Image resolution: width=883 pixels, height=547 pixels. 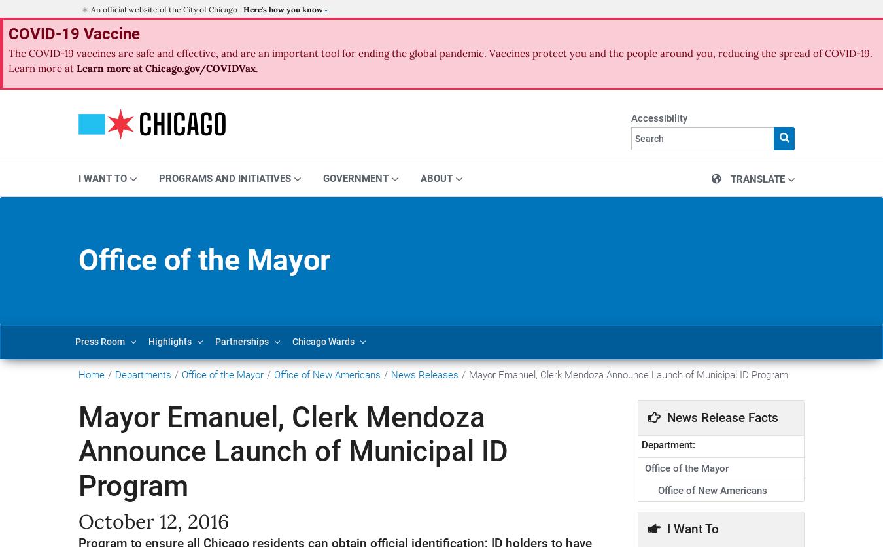 I want to click on 'Press Room', so click(x=99, y=341).